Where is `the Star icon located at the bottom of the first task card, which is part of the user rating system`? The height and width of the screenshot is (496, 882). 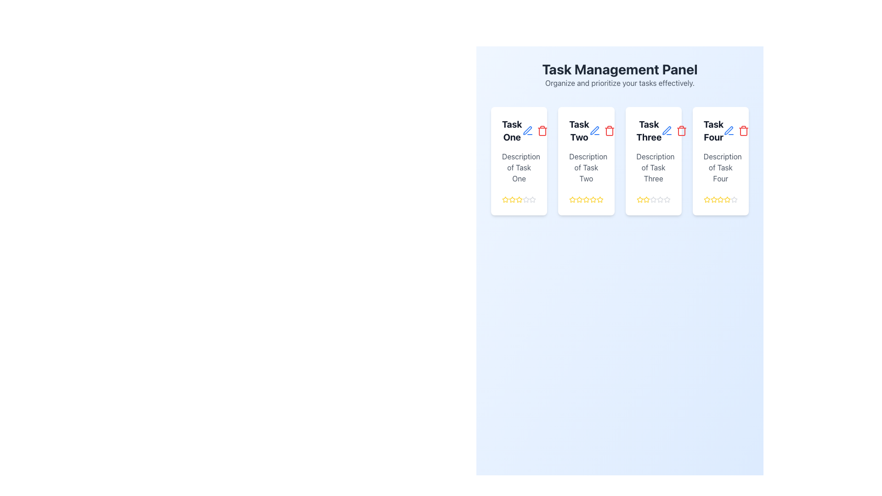
the Star icon located at the bottom of the first task card, which is part of the user rating system is located at coordinates (512, 199).